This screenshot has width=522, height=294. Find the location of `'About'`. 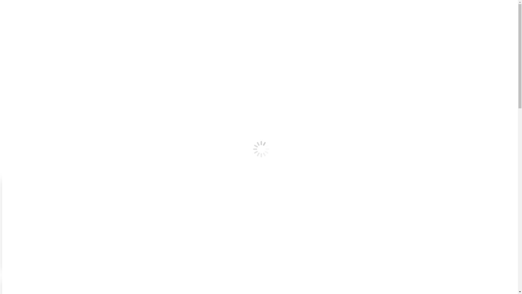

'About' is located at coordinates (18, 46).